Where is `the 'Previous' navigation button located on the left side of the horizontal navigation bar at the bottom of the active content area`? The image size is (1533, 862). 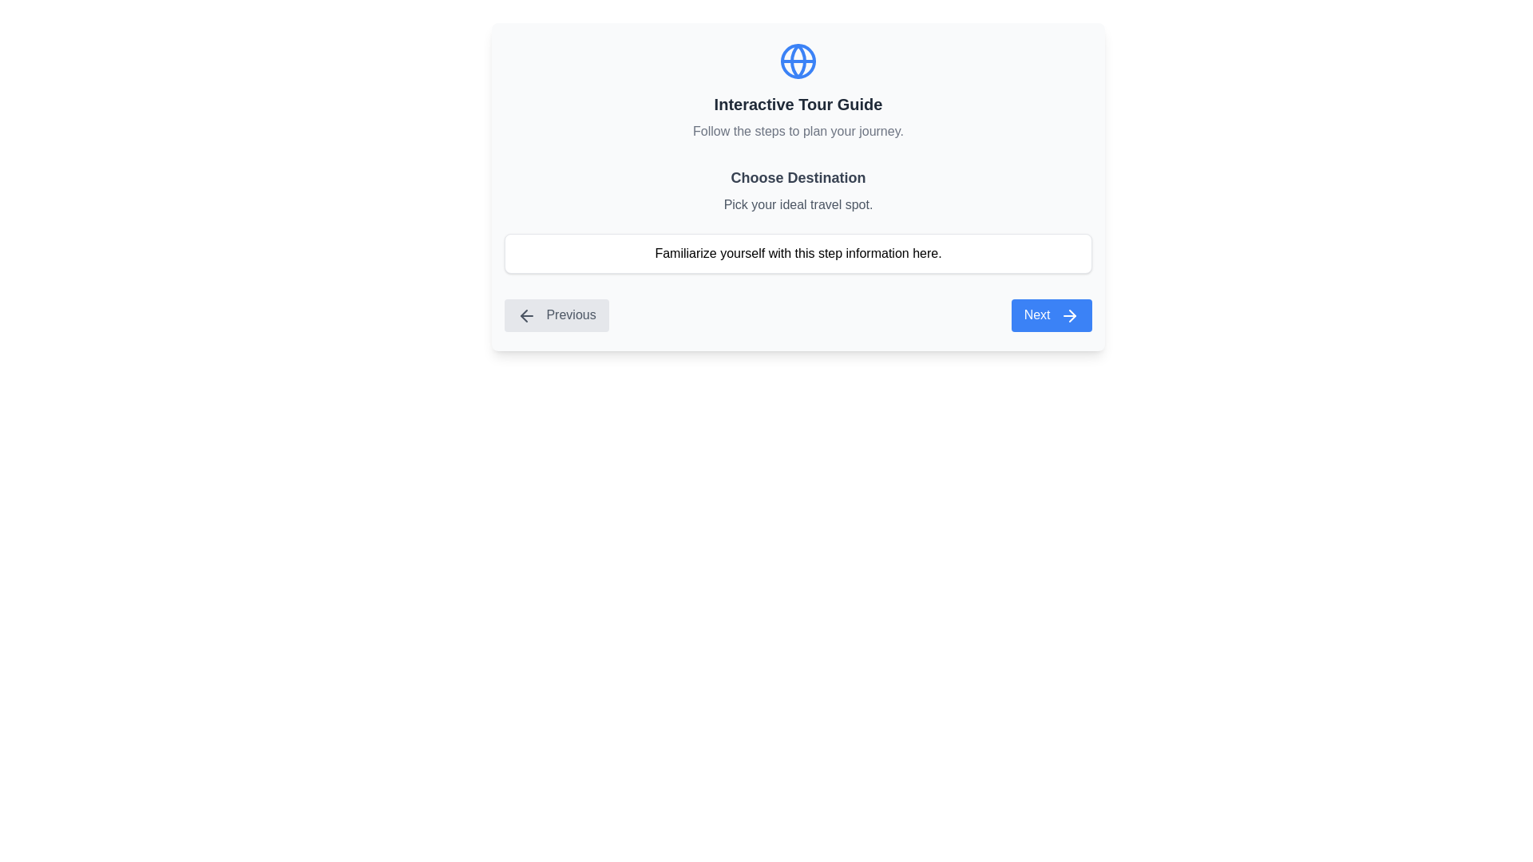 the 'Previous' navigation button located on the left side of the horizontal navigation bar at the bottom of the active content area is located at coordinates (557, 315).